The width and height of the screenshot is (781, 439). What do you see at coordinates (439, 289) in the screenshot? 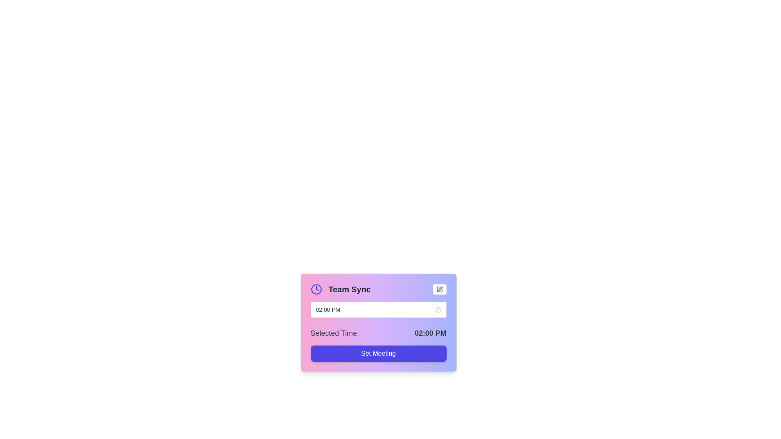
I see `the small button with a pen icon located at the top-right corner of the 'Team Sync' section` at bounding box center [439, 289].